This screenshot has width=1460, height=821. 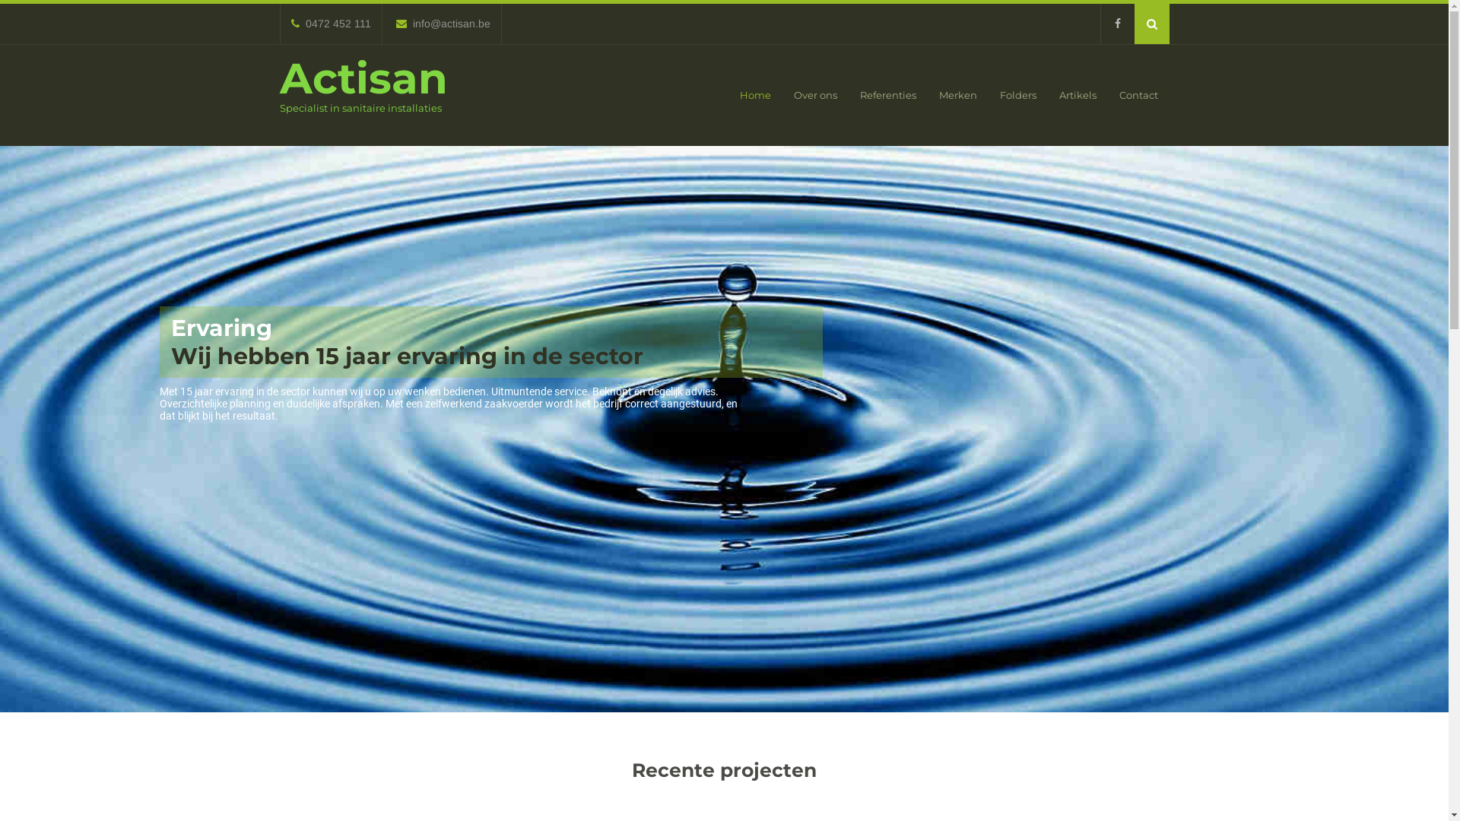 What do you see at coordinates (441, 23) in the screenshot?
I see `'info@actisan.be'` at bounding box center [441, 23].